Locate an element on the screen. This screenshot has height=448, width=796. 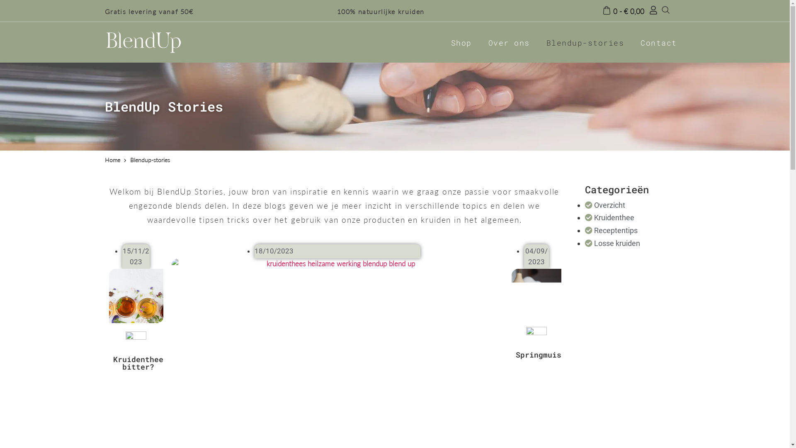
'04/09/2023' is located at coordinates (524, 256).